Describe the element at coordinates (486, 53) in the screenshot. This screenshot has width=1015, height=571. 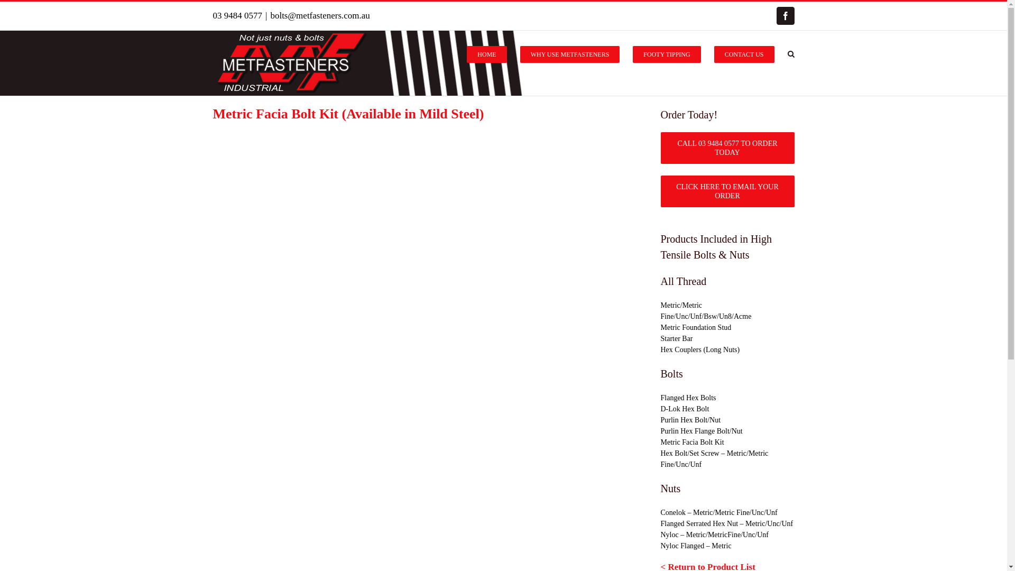
I see `'HOME'` at that location.